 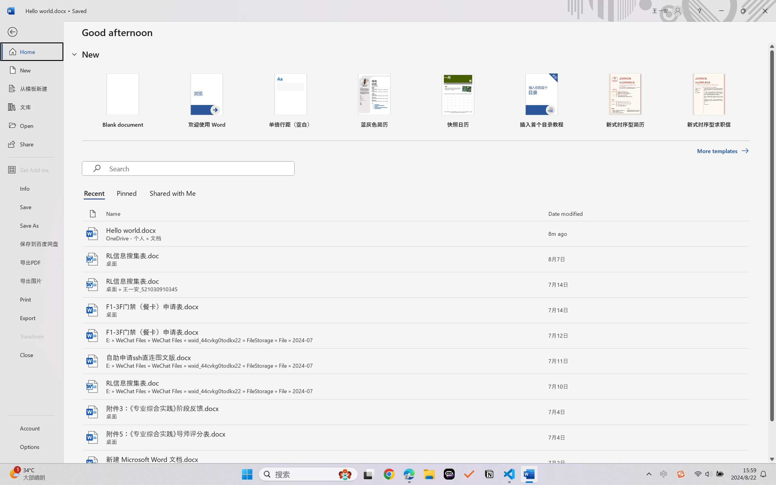 What do you see at coordinates (31, 336) in the screenshot?
I see `'Transform'` at bounding box center [31, 336].